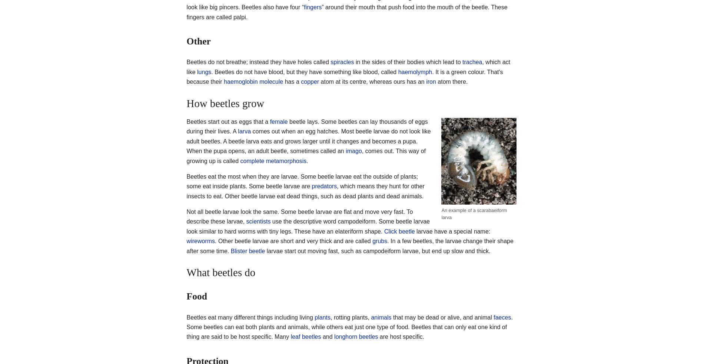 This screenshot has width=704, height=364. I want to click on 'animals', so click(381, 317).